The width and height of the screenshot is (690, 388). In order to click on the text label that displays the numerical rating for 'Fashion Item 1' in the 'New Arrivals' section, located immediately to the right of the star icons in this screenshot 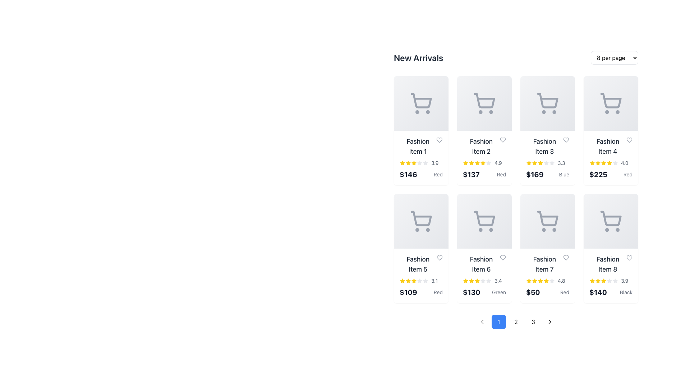, I will do `click(624, 281)`.